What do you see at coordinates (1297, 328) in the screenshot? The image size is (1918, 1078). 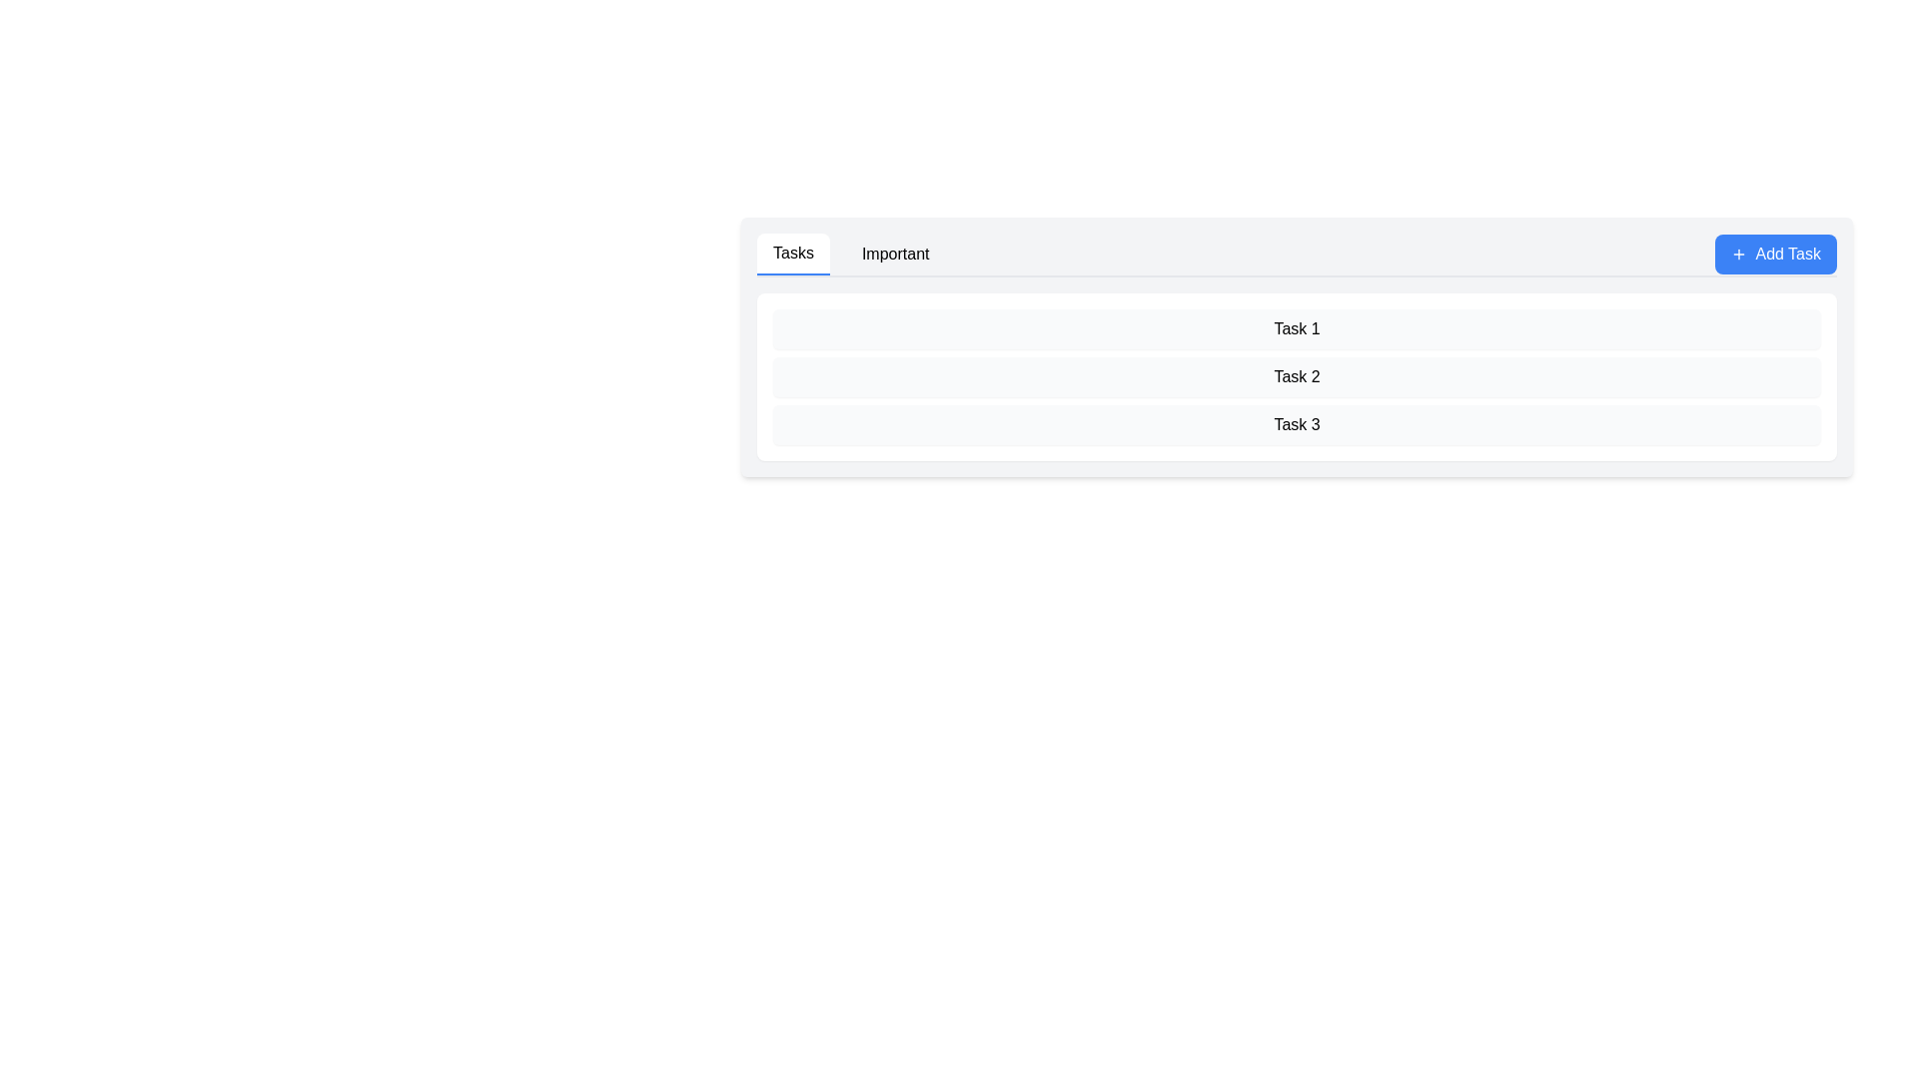 I see `the label with the text 'Task 1', which is a rectangular section with a light-gray background and rounded corners, positioned above 'Task 2' and below the tab navigation bar labeled 'Tasks' and 'Important'` at bounding box center [1297, 328].